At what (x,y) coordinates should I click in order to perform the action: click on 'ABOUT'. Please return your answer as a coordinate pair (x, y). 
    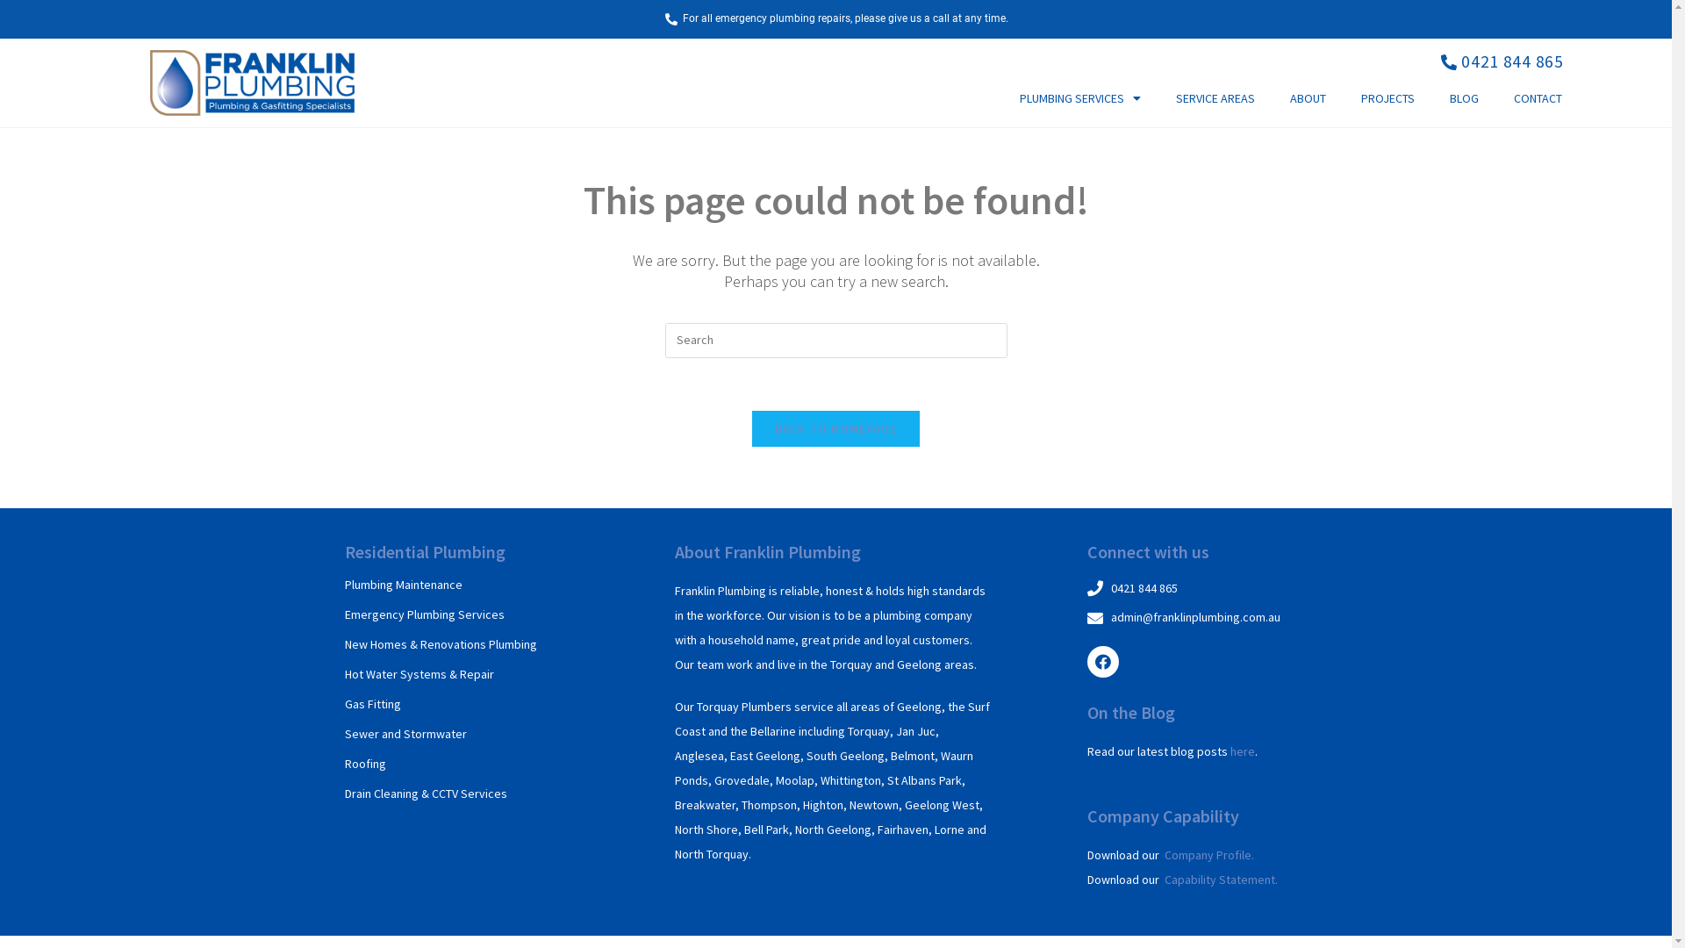
    Looking at the image, I should click on (1272, 97).